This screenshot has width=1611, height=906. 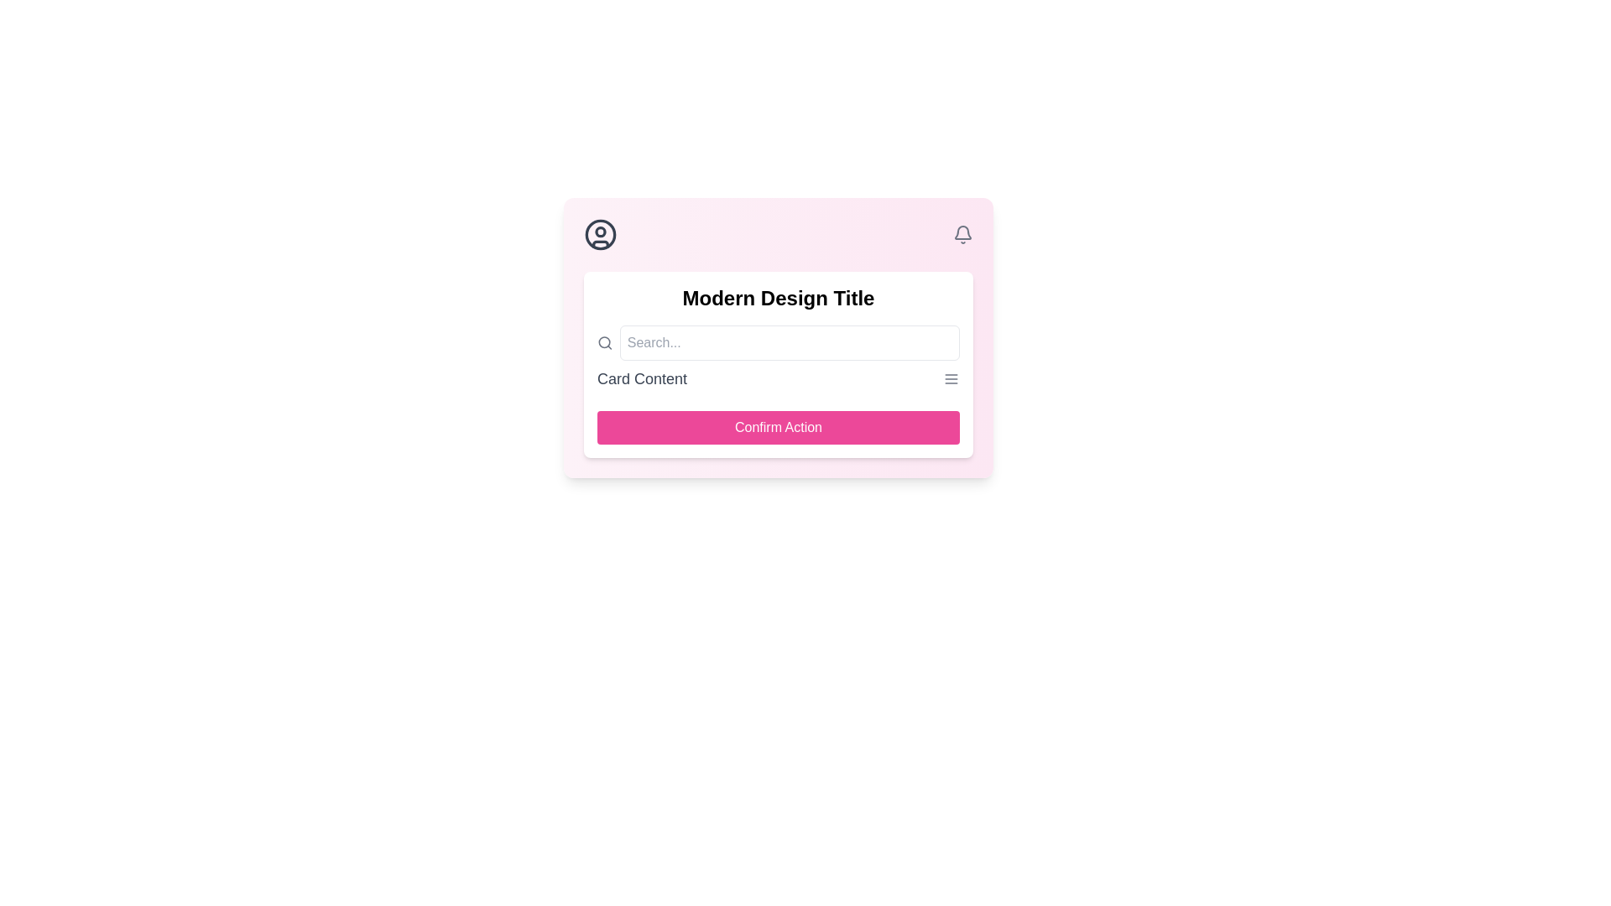 I want to click on the small circular graphic detail located within the profile icon at the top-left corner of the interface, so click(x=600, y=232).